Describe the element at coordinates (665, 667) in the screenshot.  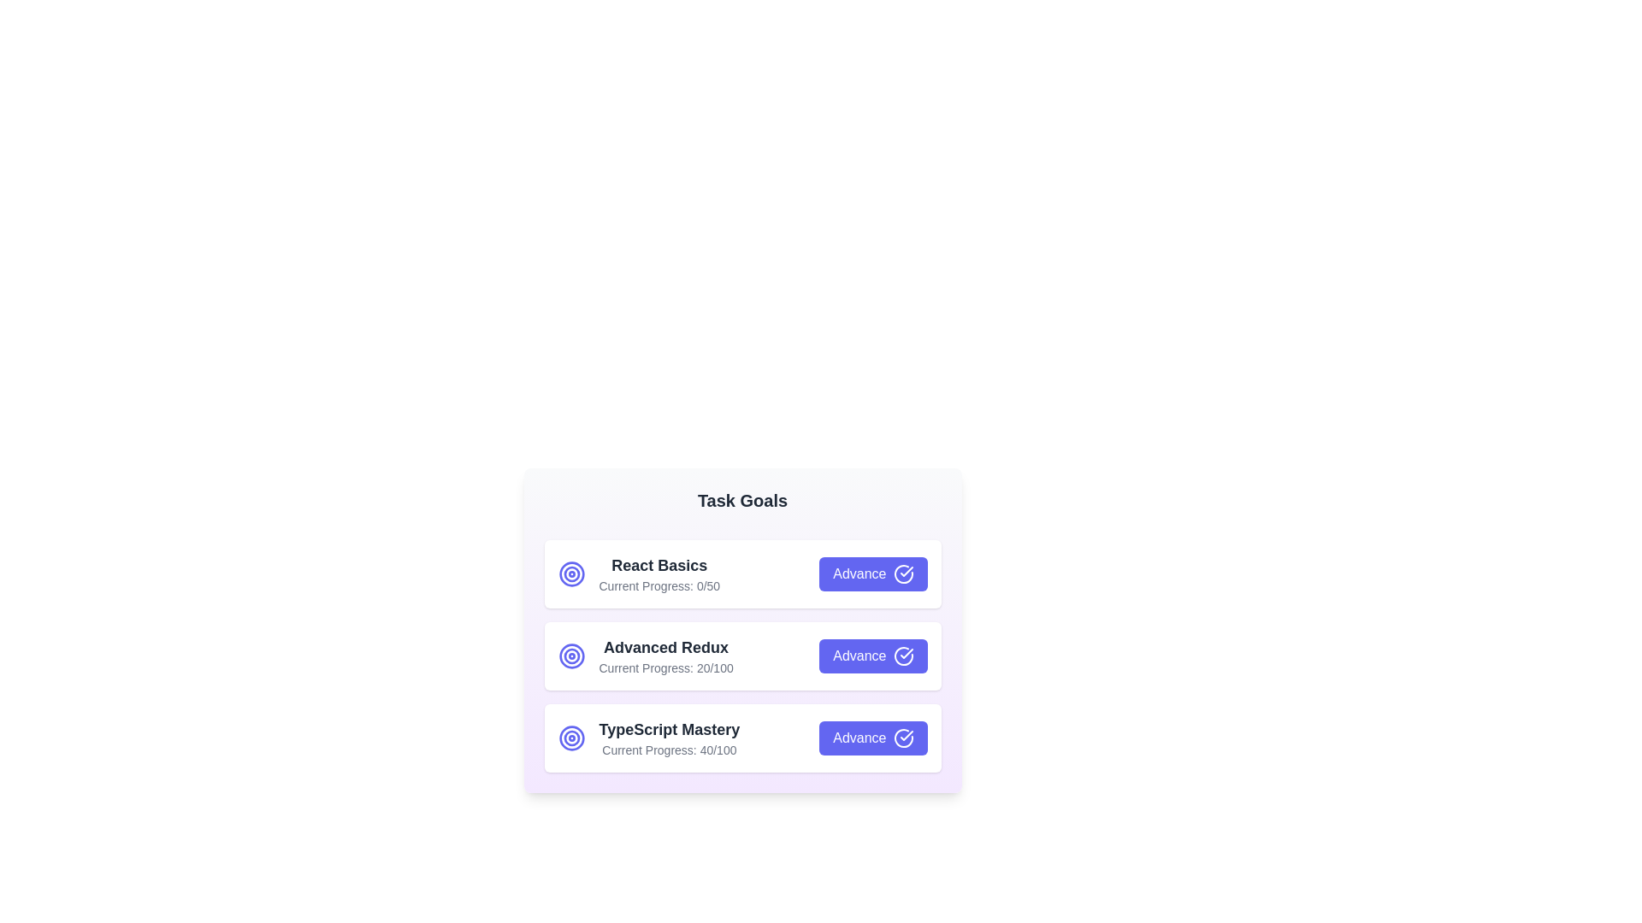
I see `text label displaying 'Current Progress: 20/100', which is located beneath the 'Advanced Redux' heading` at that location.